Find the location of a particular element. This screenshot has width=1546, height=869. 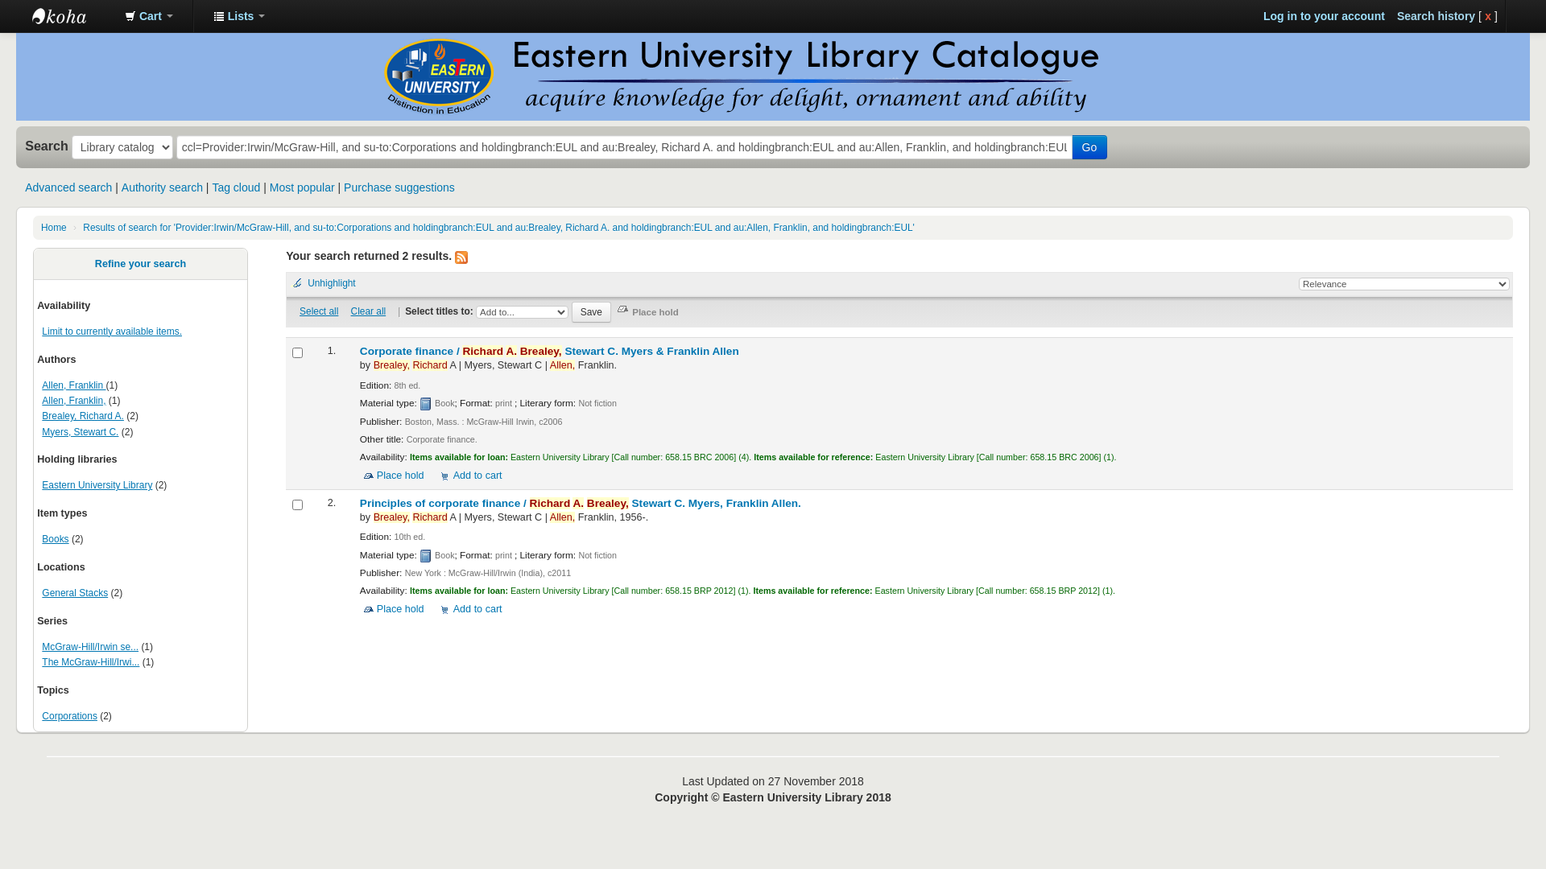

'Most popular' is located at coordinates (302, 186).